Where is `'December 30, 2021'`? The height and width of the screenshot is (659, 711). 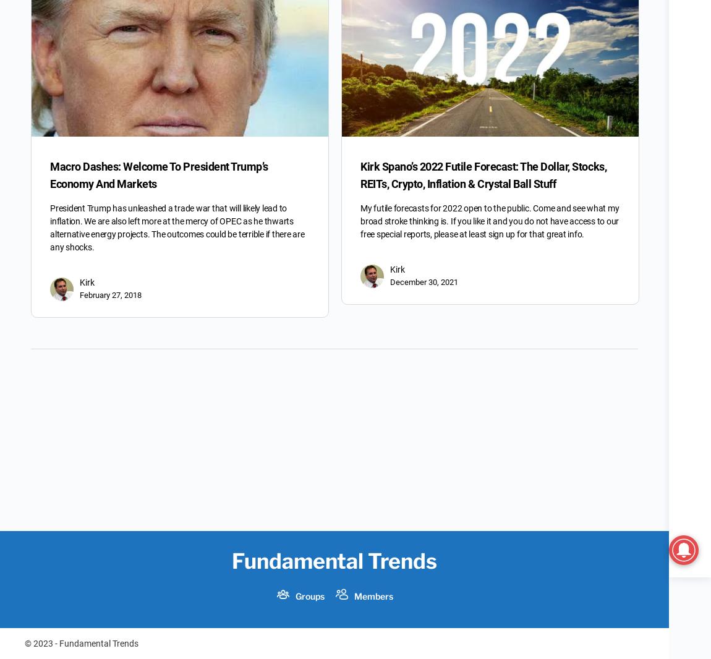
'December 30, 2021' is located at coordinates (423, 282).